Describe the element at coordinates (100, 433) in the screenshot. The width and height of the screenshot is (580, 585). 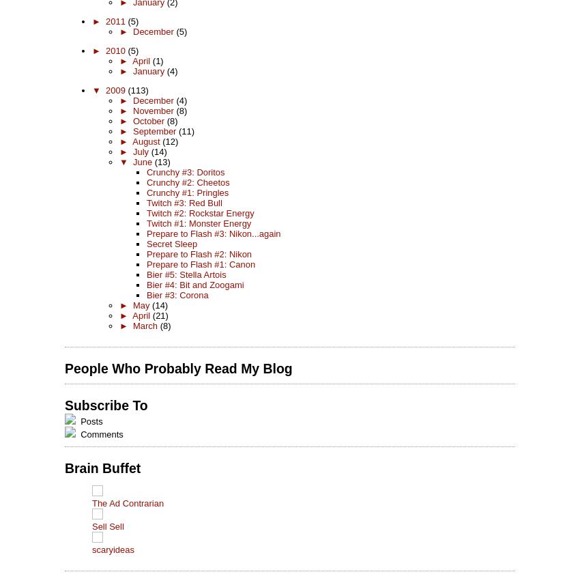
I see `'Comments'` at that location.